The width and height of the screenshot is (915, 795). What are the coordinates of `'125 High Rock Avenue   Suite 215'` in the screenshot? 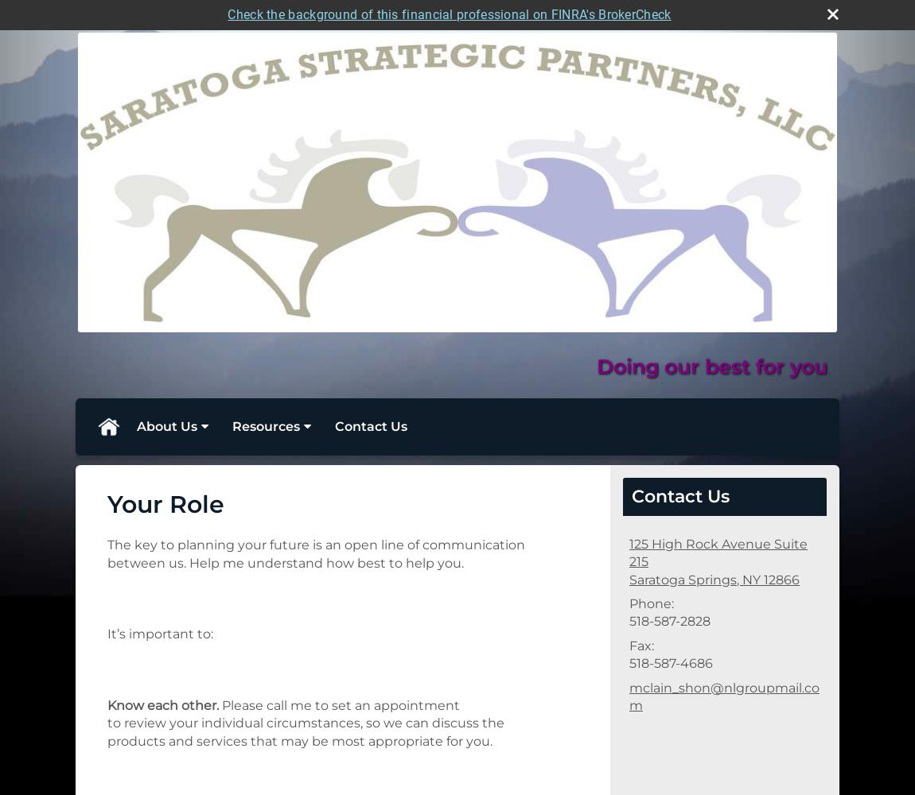 It's located at (718, 552).